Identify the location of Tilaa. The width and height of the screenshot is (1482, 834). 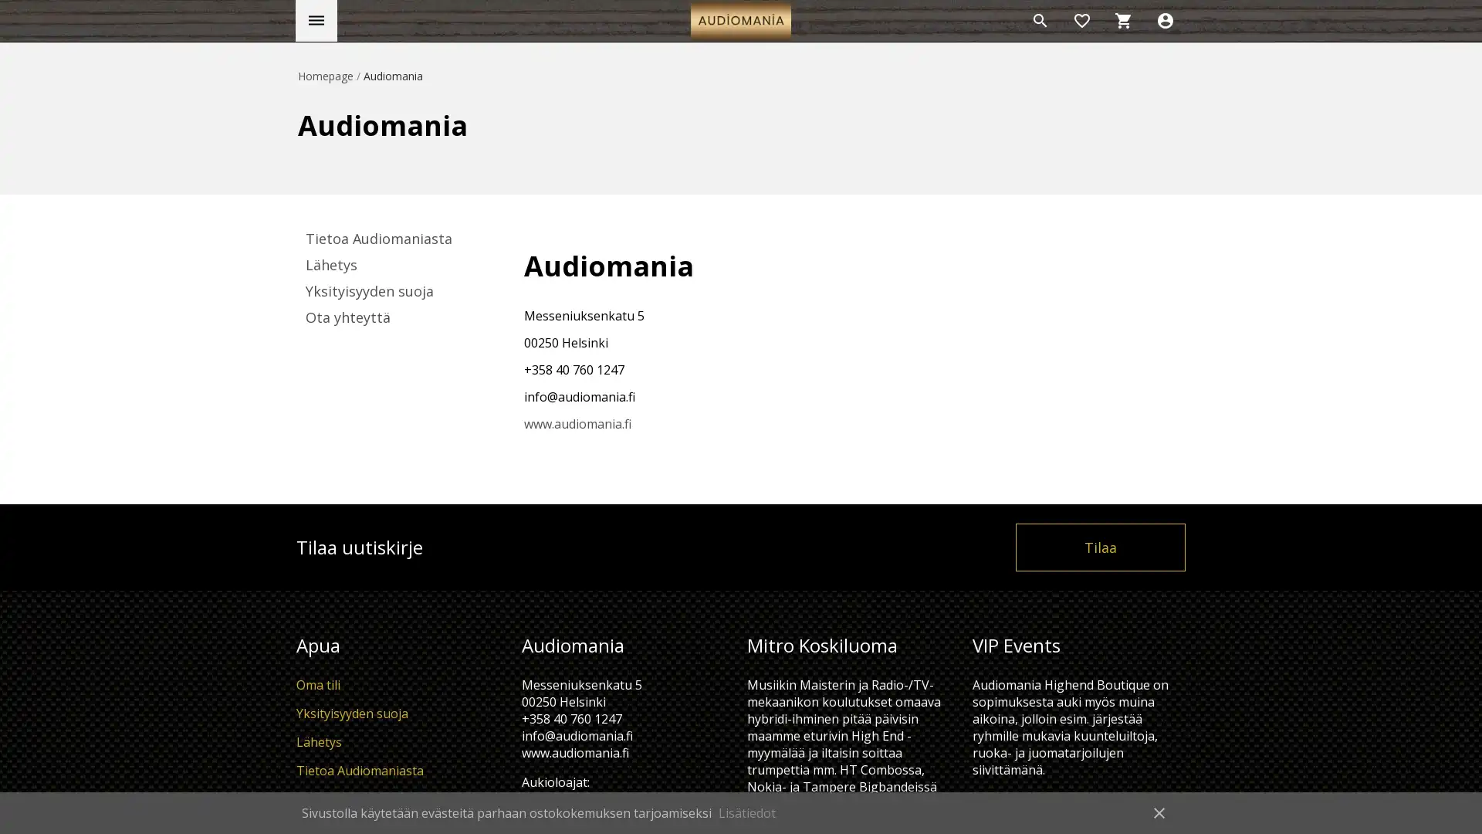
(1099, 546).